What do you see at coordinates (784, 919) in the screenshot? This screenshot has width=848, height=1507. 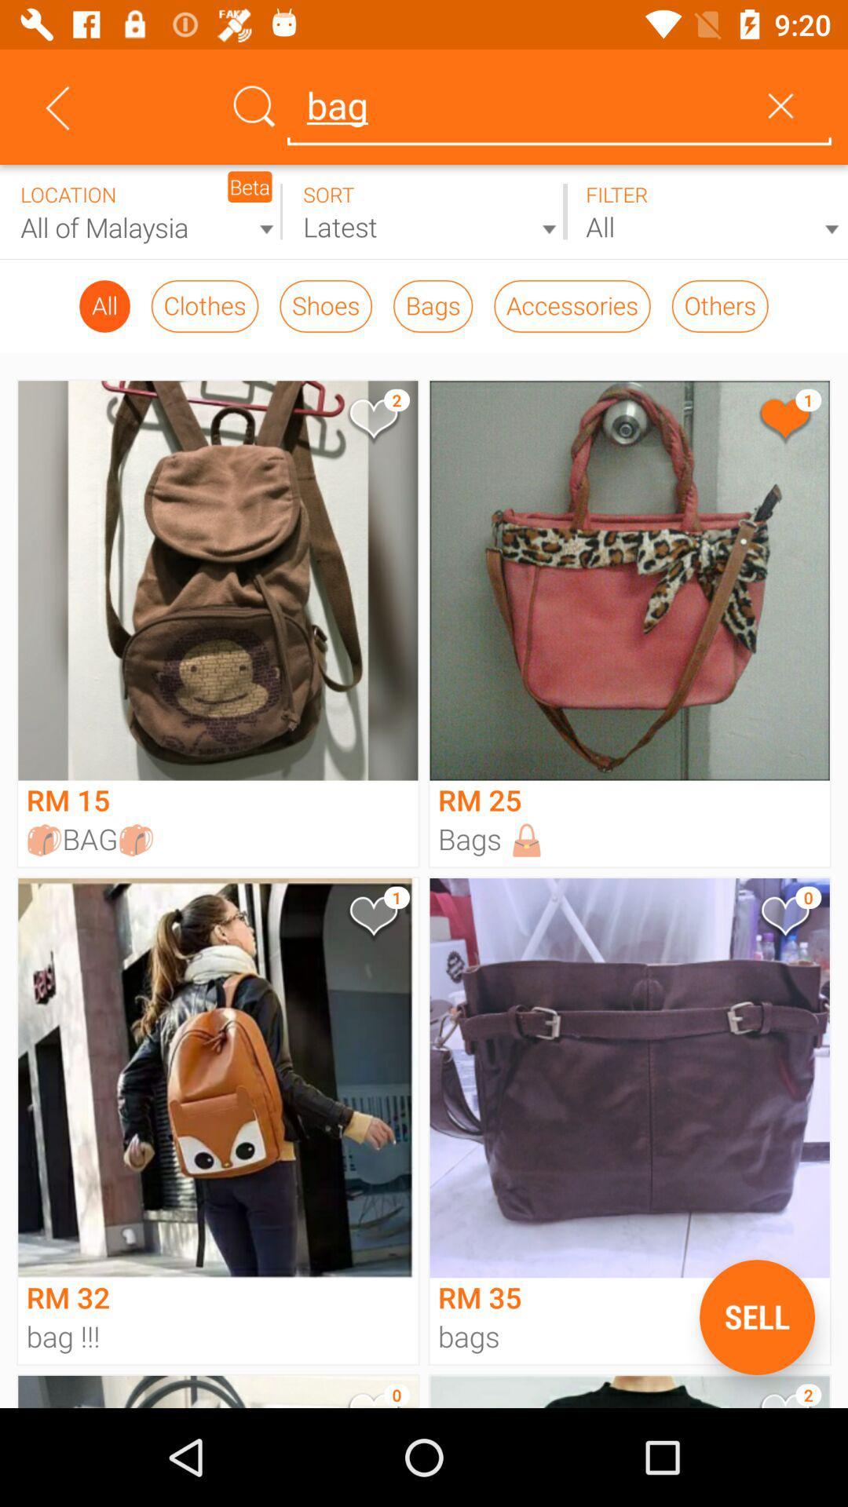 I see `this item` at bounding box center [784, 919].